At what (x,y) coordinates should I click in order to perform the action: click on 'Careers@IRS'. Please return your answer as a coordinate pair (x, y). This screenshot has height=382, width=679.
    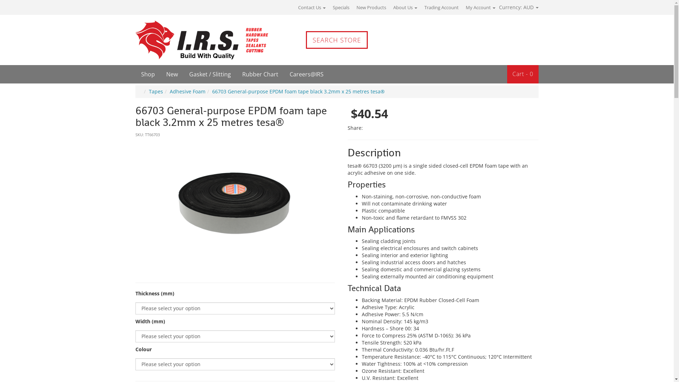
    Looking at the image, I should click on (306, 74).